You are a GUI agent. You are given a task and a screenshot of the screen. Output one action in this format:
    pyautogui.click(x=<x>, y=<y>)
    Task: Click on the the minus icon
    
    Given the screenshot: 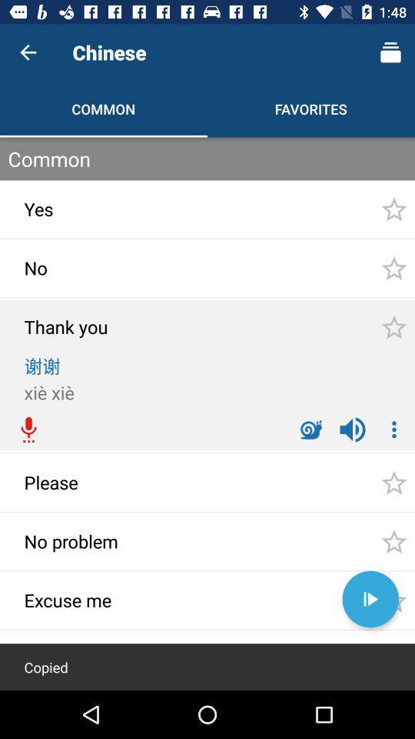 What is the action you would take?
    pyautogui.click(x=370, y=646)
    